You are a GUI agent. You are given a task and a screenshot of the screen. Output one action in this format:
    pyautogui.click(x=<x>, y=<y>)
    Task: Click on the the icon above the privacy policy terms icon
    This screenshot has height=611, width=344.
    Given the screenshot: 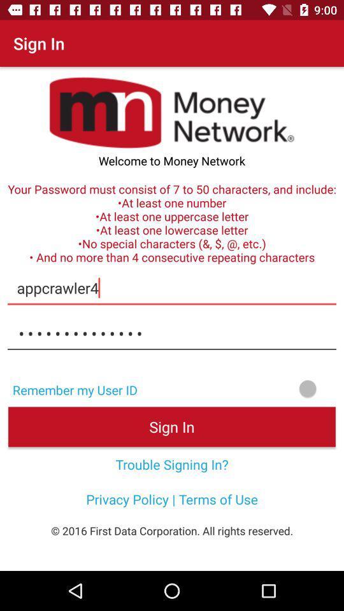 What is the action you would take?
    pyautogui.click(x=172, y=463)
    